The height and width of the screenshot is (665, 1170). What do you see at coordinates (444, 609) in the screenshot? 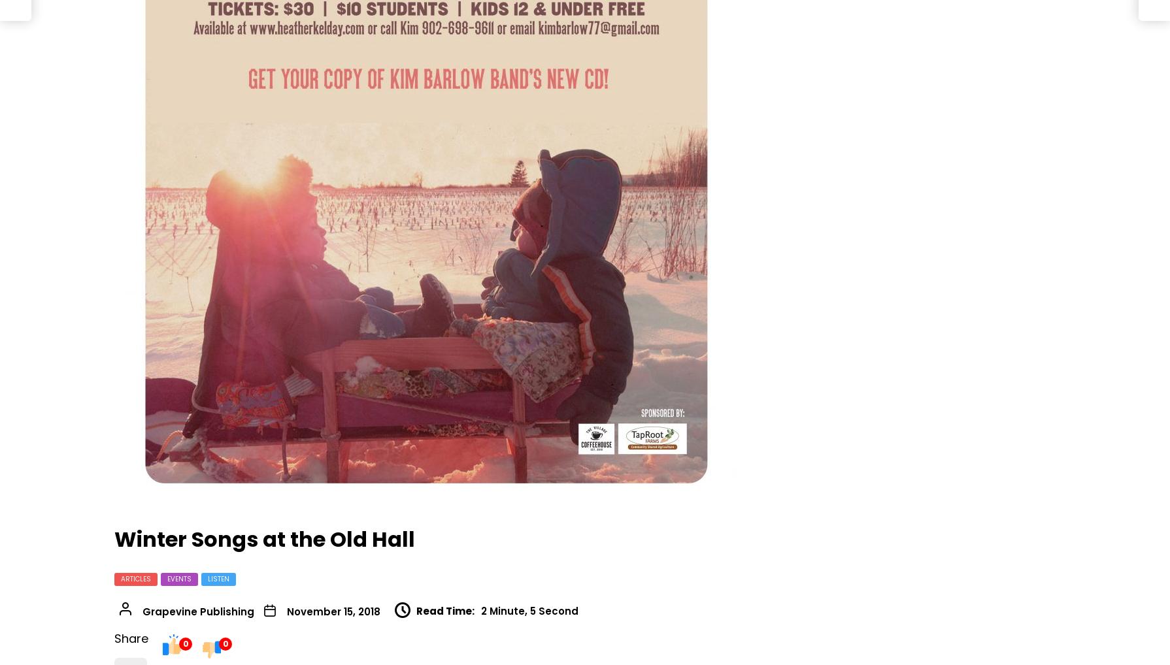
I see `'Read Time:'` at bounding box center [444, 609].